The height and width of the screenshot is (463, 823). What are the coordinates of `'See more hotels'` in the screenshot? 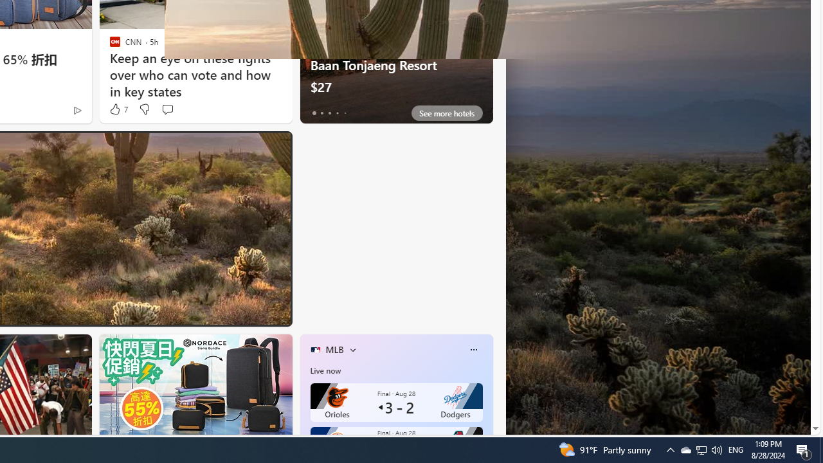 It's located at (447, 113).